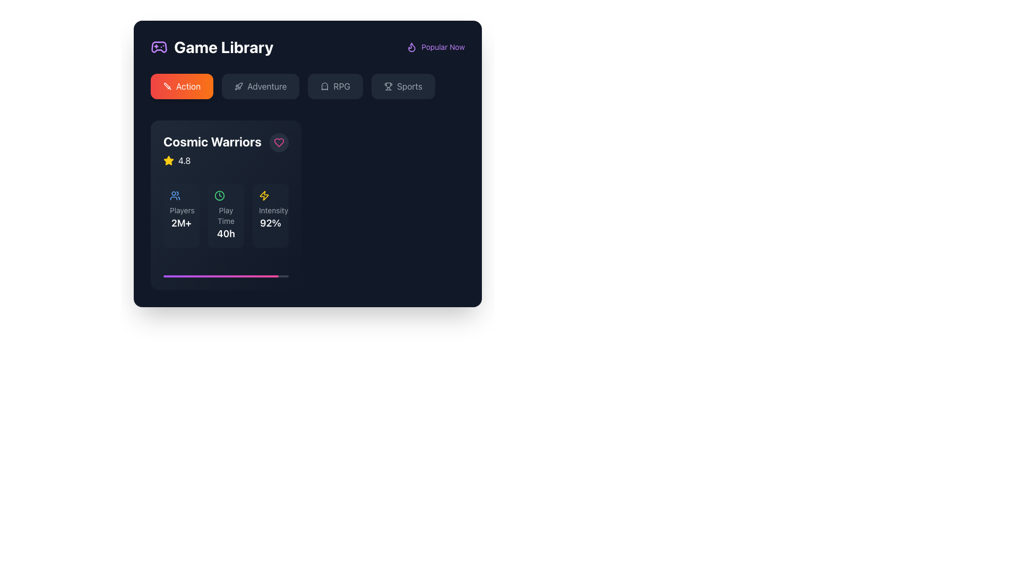  What do you see at coordinates (168, 161) in the screenshot?
I see `the yellow star icon representing the rating feature located to the left of the text '4.8' for the game 'Cosmic Warriors'` at bounding box center [168, 161].